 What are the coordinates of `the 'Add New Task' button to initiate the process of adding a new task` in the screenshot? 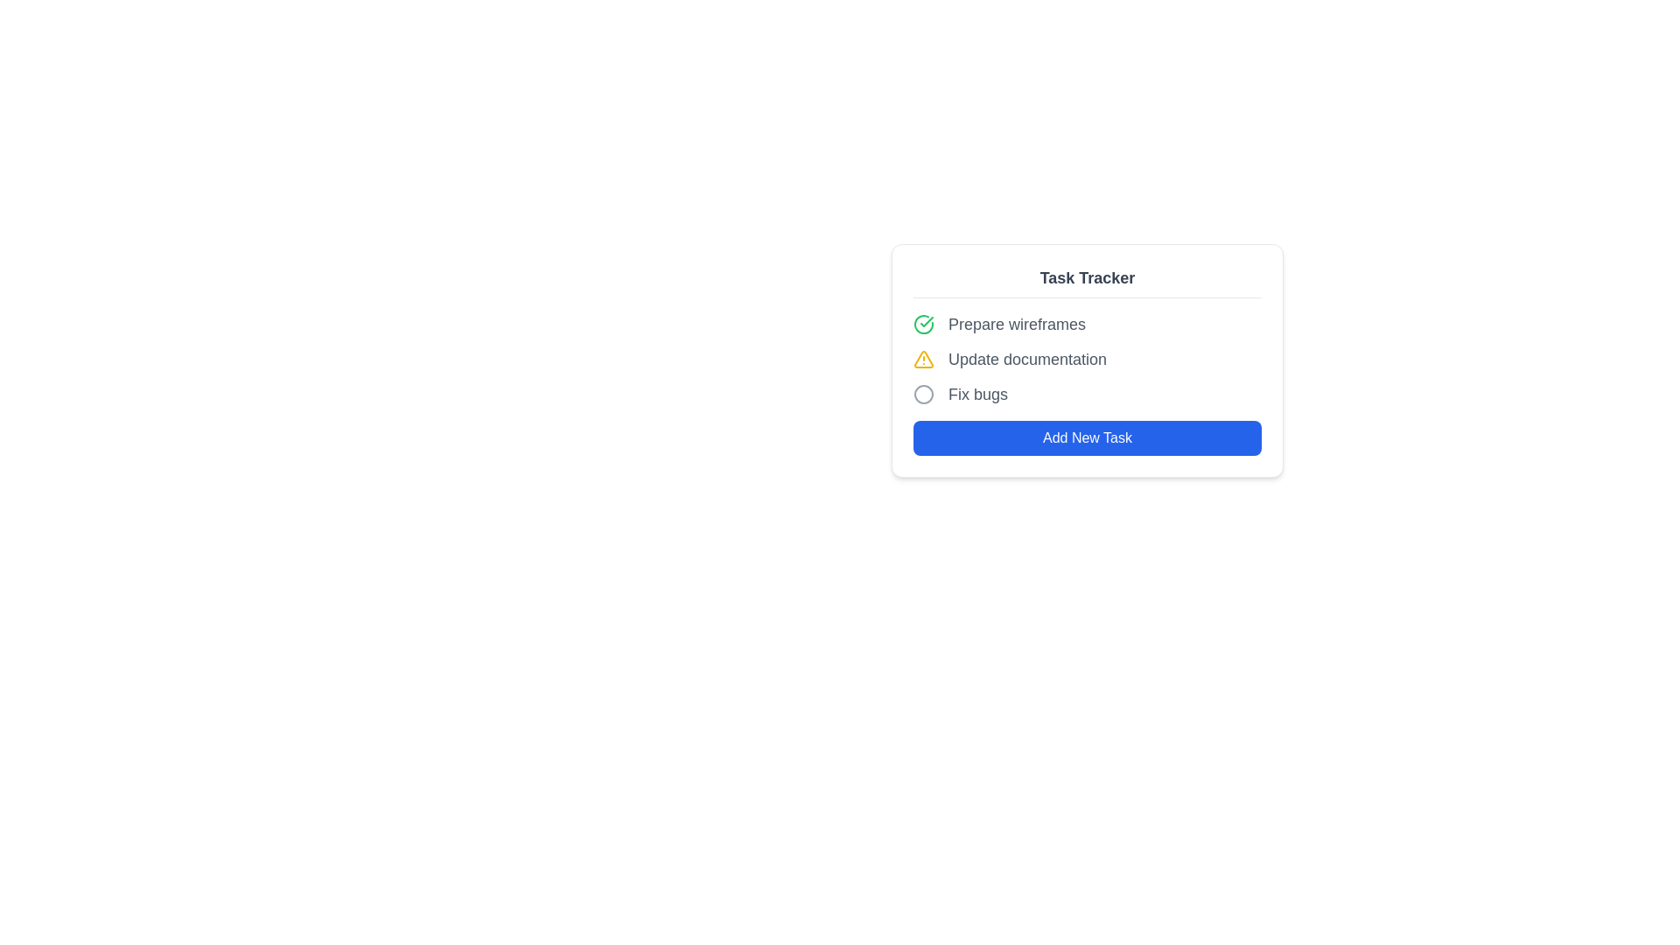 It's located at (1087, 437).